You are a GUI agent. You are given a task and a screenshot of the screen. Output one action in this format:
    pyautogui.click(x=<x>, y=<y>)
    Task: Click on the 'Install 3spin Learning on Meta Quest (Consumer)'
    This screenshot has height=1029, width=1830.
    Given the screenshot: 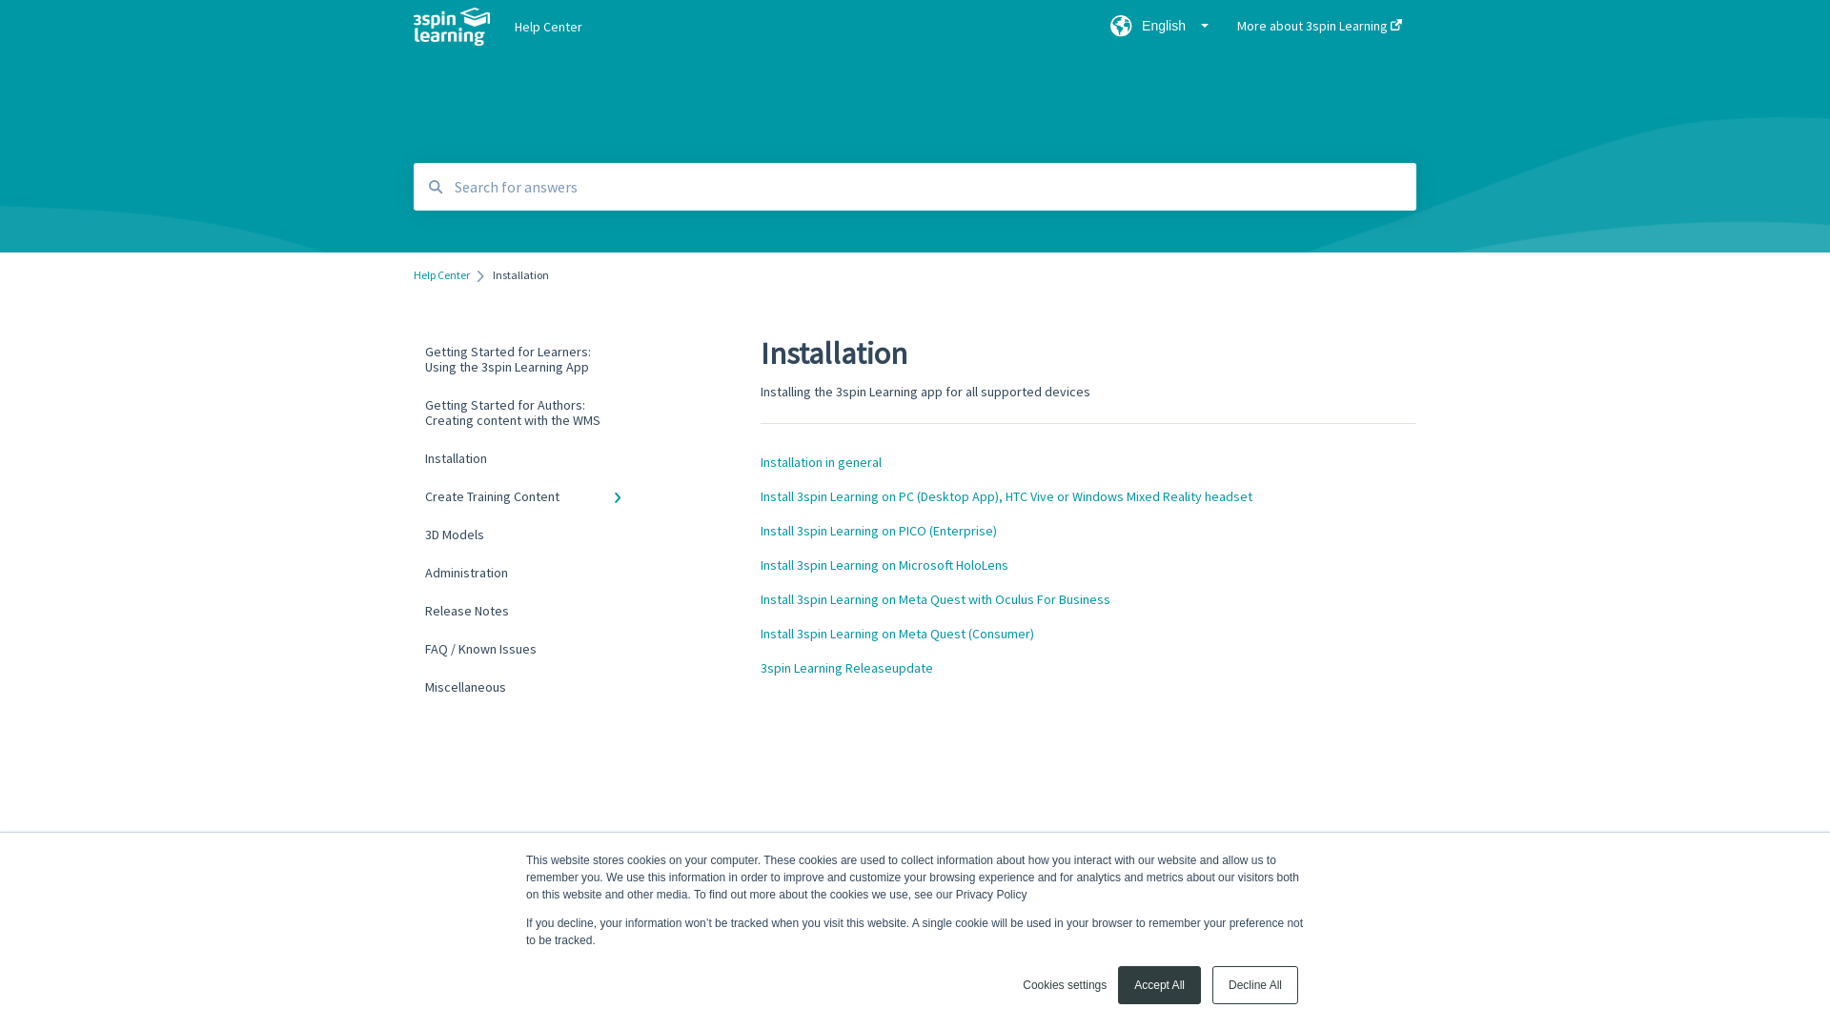 What is the action you would take?
    pyautogui.click(x=896, y=633)
    